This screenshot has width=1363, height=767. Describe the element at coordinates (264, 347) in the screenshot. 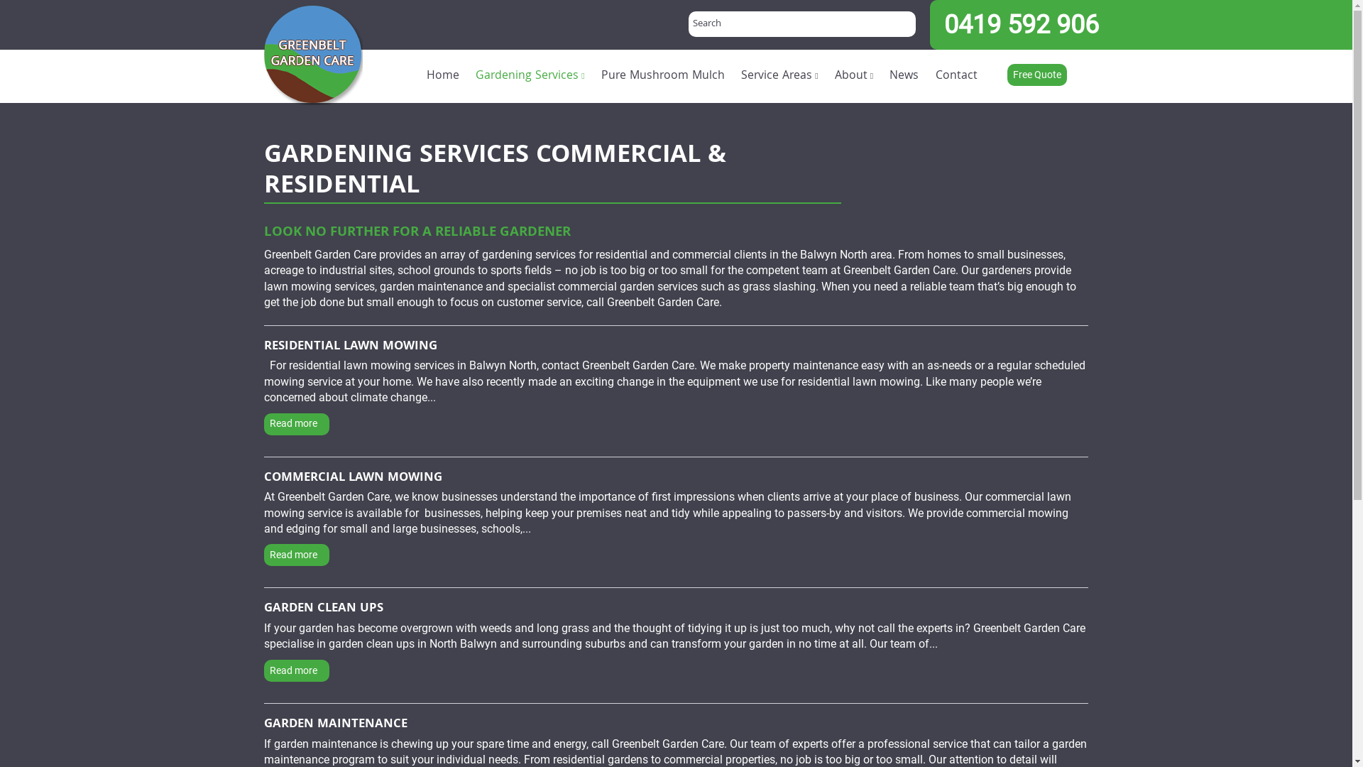

I see `'RESIDENTIAL LAWN MOWING'` at that location.